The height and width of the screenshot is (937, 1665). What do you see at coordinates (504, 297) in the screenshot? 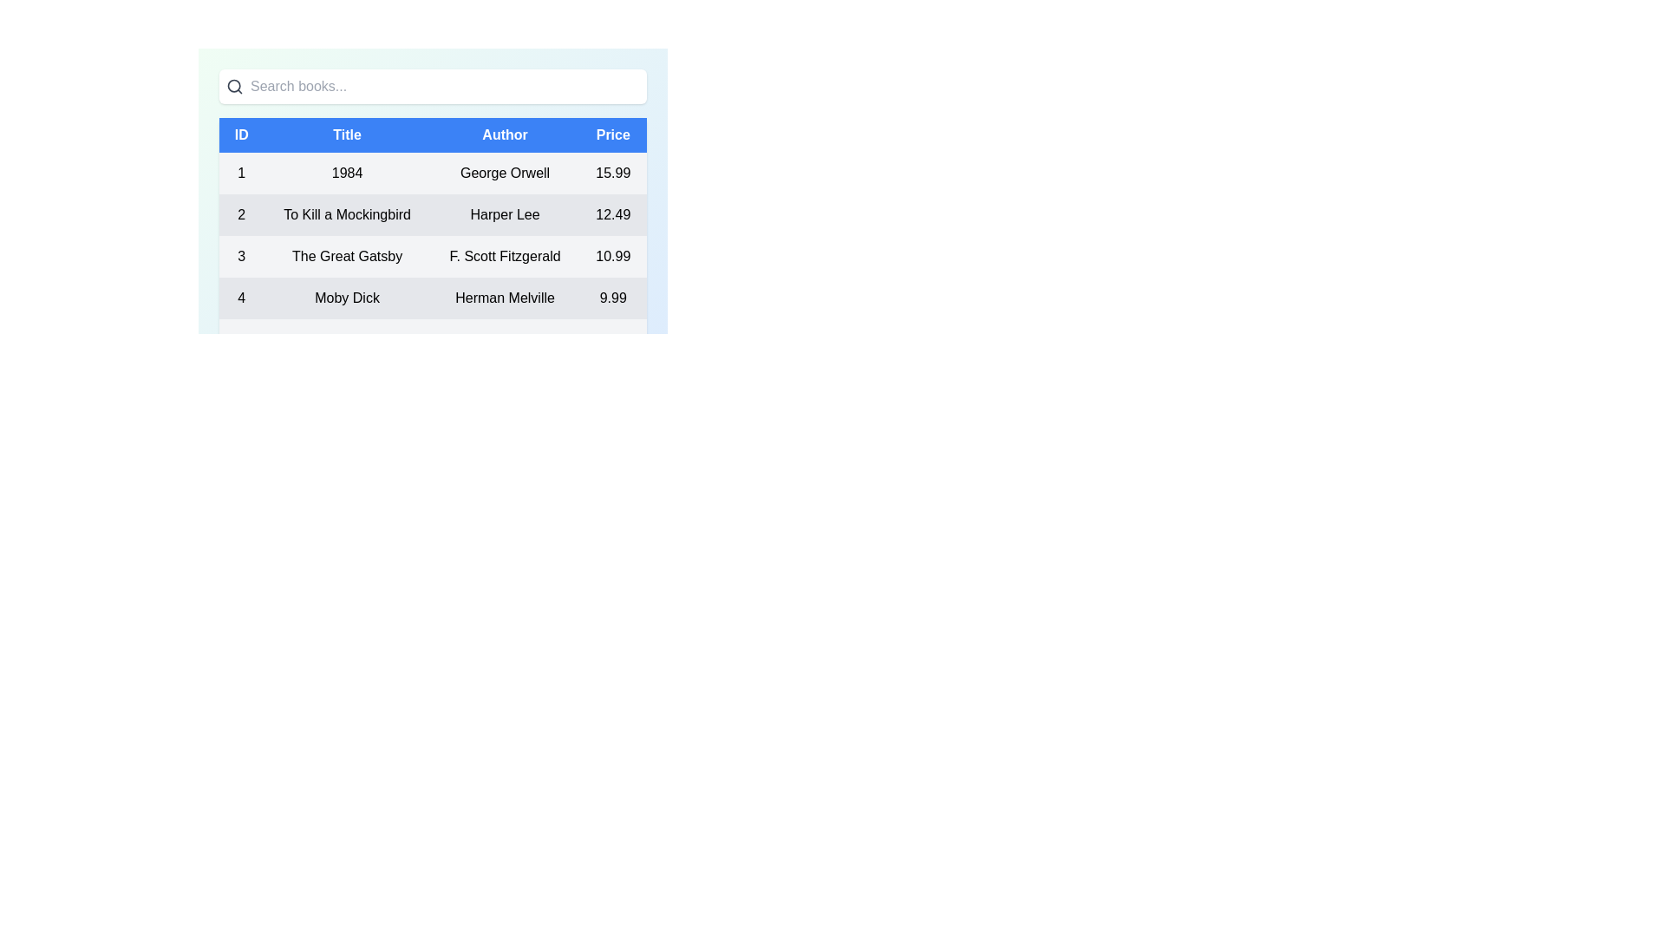
I see `the non-interactive text label displaying the author of the book 'Moby Dick', located in the third cell of the fourth row in a tabular layout` at bounding box center [504, 297].